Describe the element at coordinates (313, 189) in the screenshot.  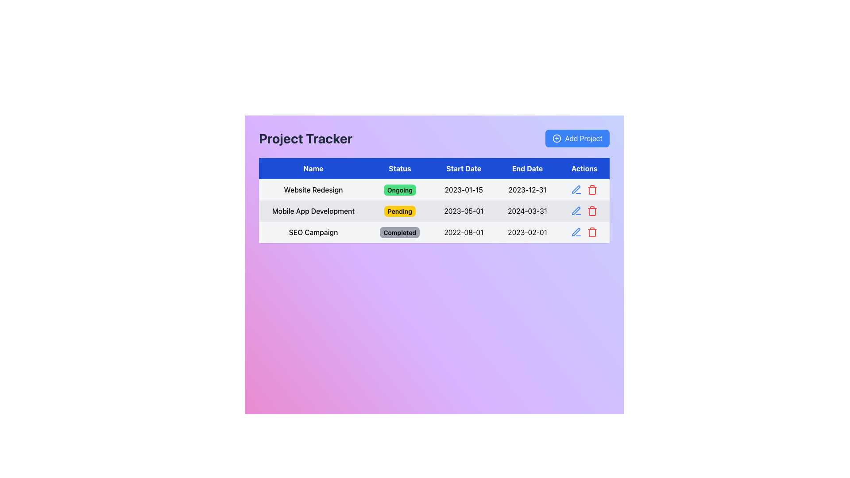
I see `the Static Text Label displaying 'Website Redesign' located in the top row of the data table under the 'Name' header` at that location.